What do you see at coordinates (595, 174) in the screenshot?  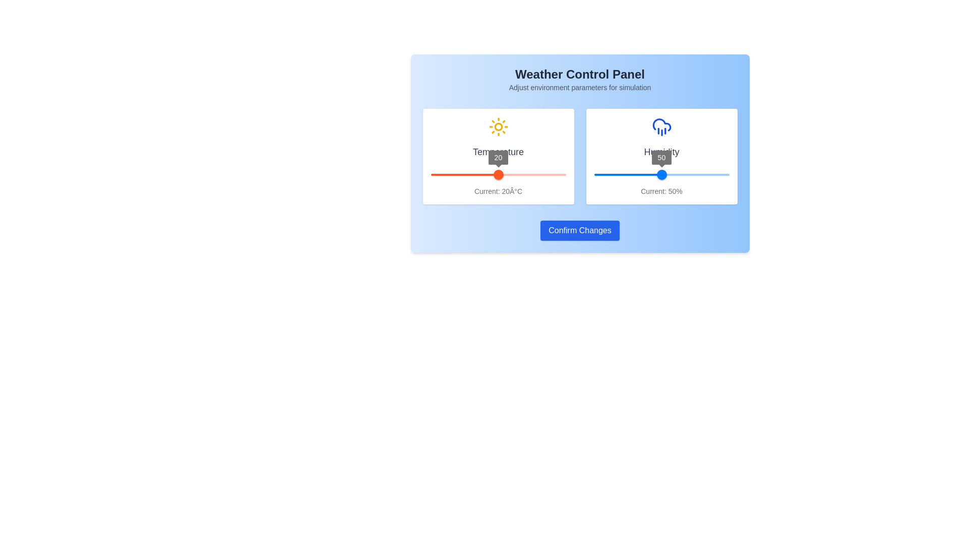 I see `the humidity percentage` at bounding box center [595, 174].